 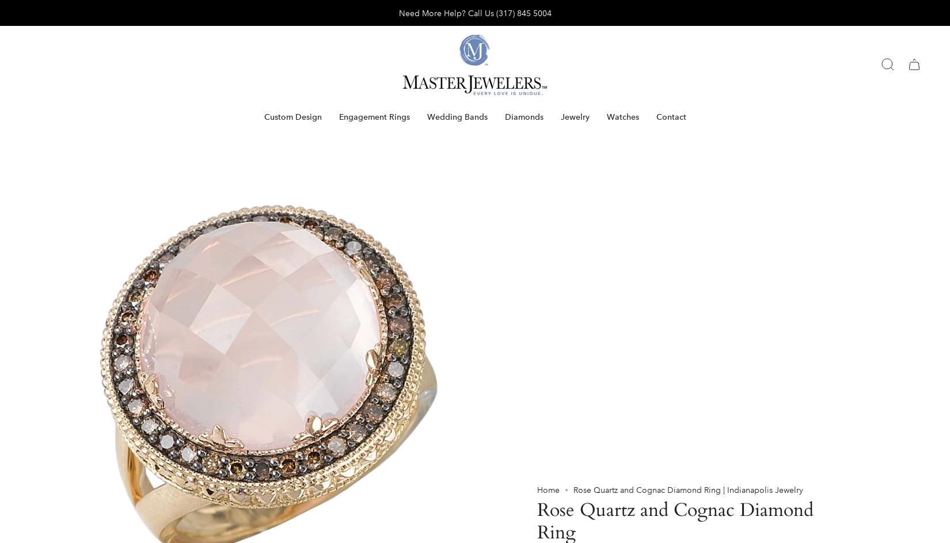 I want to click on 'Home', so click(x=548, y=22).